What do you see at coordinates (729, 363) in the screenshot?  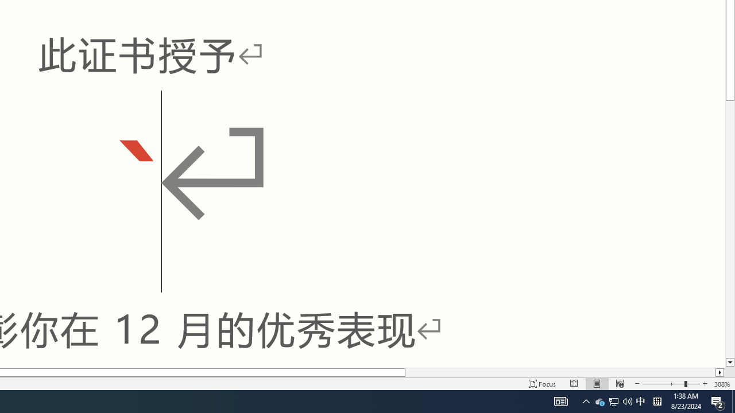 I see `'Line down'` at bounding box center [729, 363].